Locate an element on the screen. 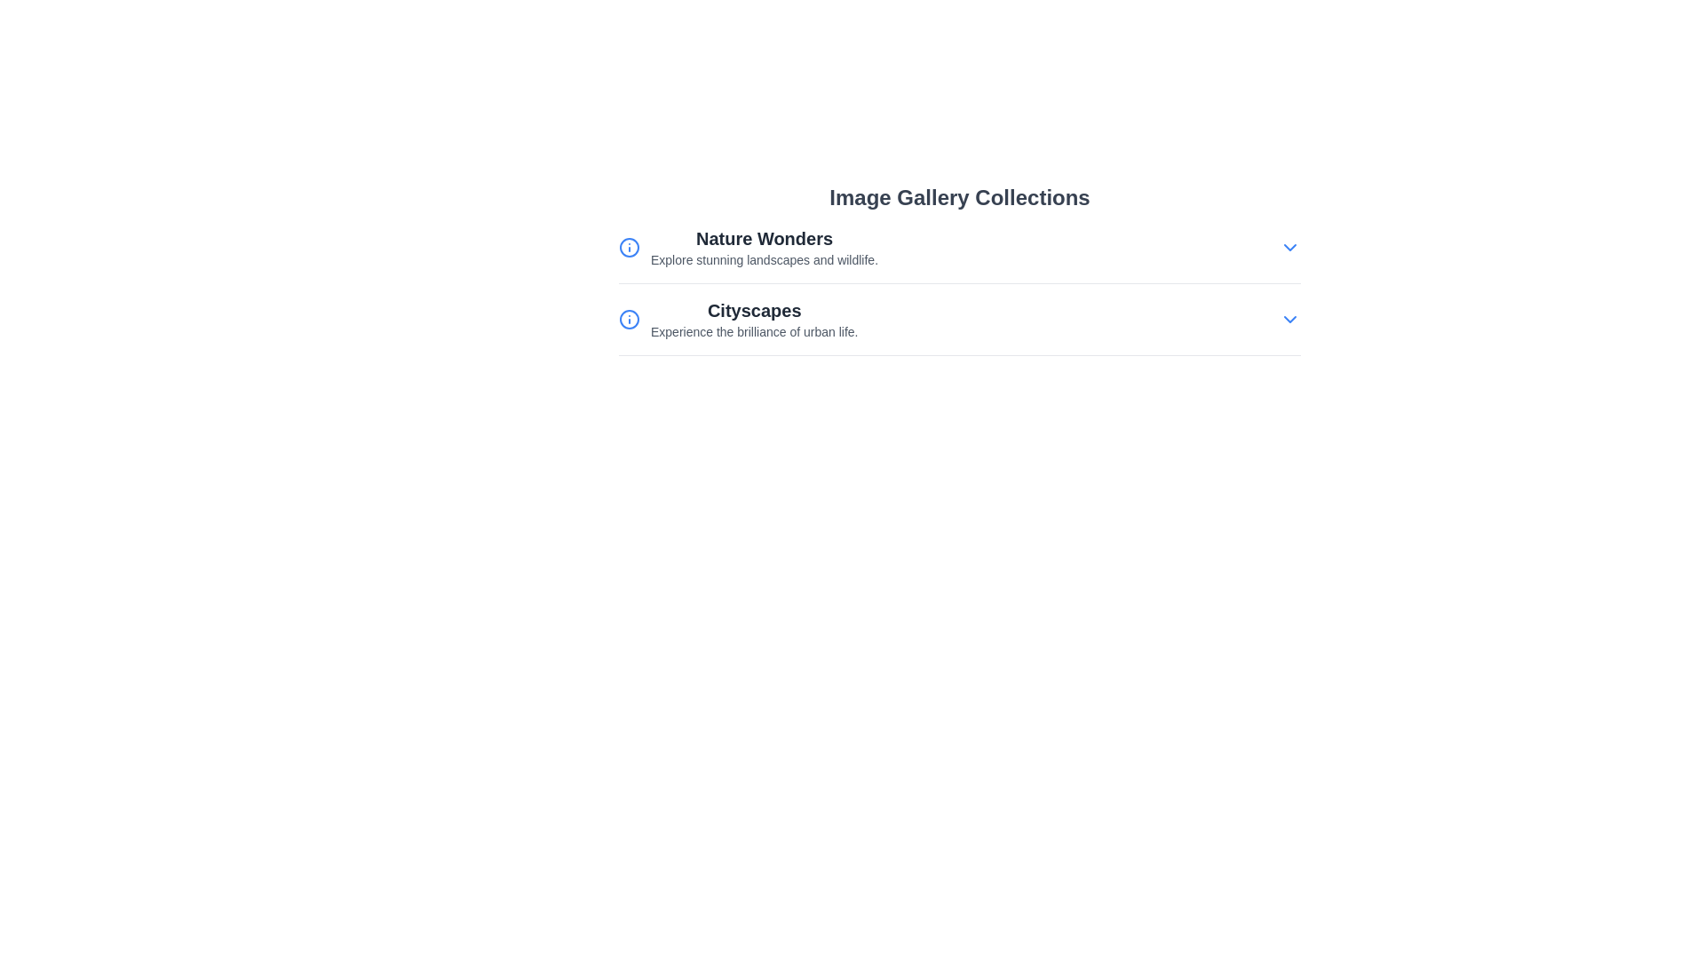  the 'Cityscapes' gallery category text block with icon, located below the 'Nature Wonders' section in the Image Gallery Collections is located at coordinates (738, 318).